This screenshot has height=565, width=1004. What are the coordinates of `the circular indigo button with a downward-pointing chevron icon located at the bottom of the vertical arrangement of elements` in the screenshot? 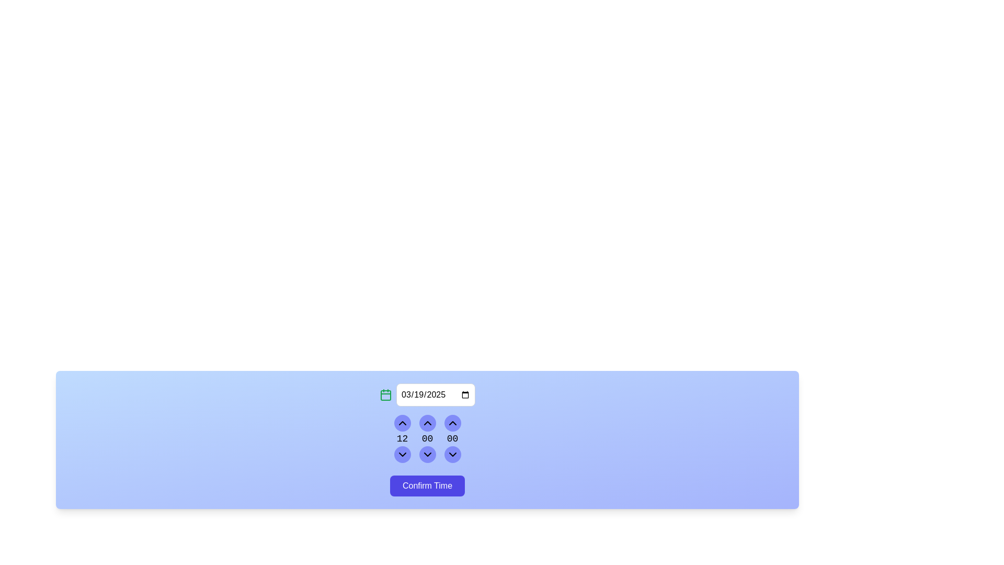 It's located at (402, 454).